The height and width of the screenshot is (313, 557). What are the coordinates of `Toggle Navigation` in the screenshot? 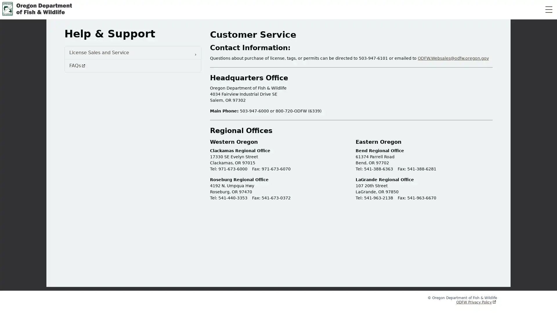 It's located at (548, 10).